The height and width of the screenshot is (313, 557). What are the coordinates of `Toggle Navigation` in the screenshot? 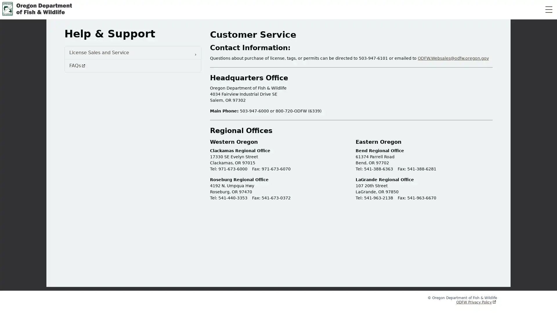 It's located at (548, 10).